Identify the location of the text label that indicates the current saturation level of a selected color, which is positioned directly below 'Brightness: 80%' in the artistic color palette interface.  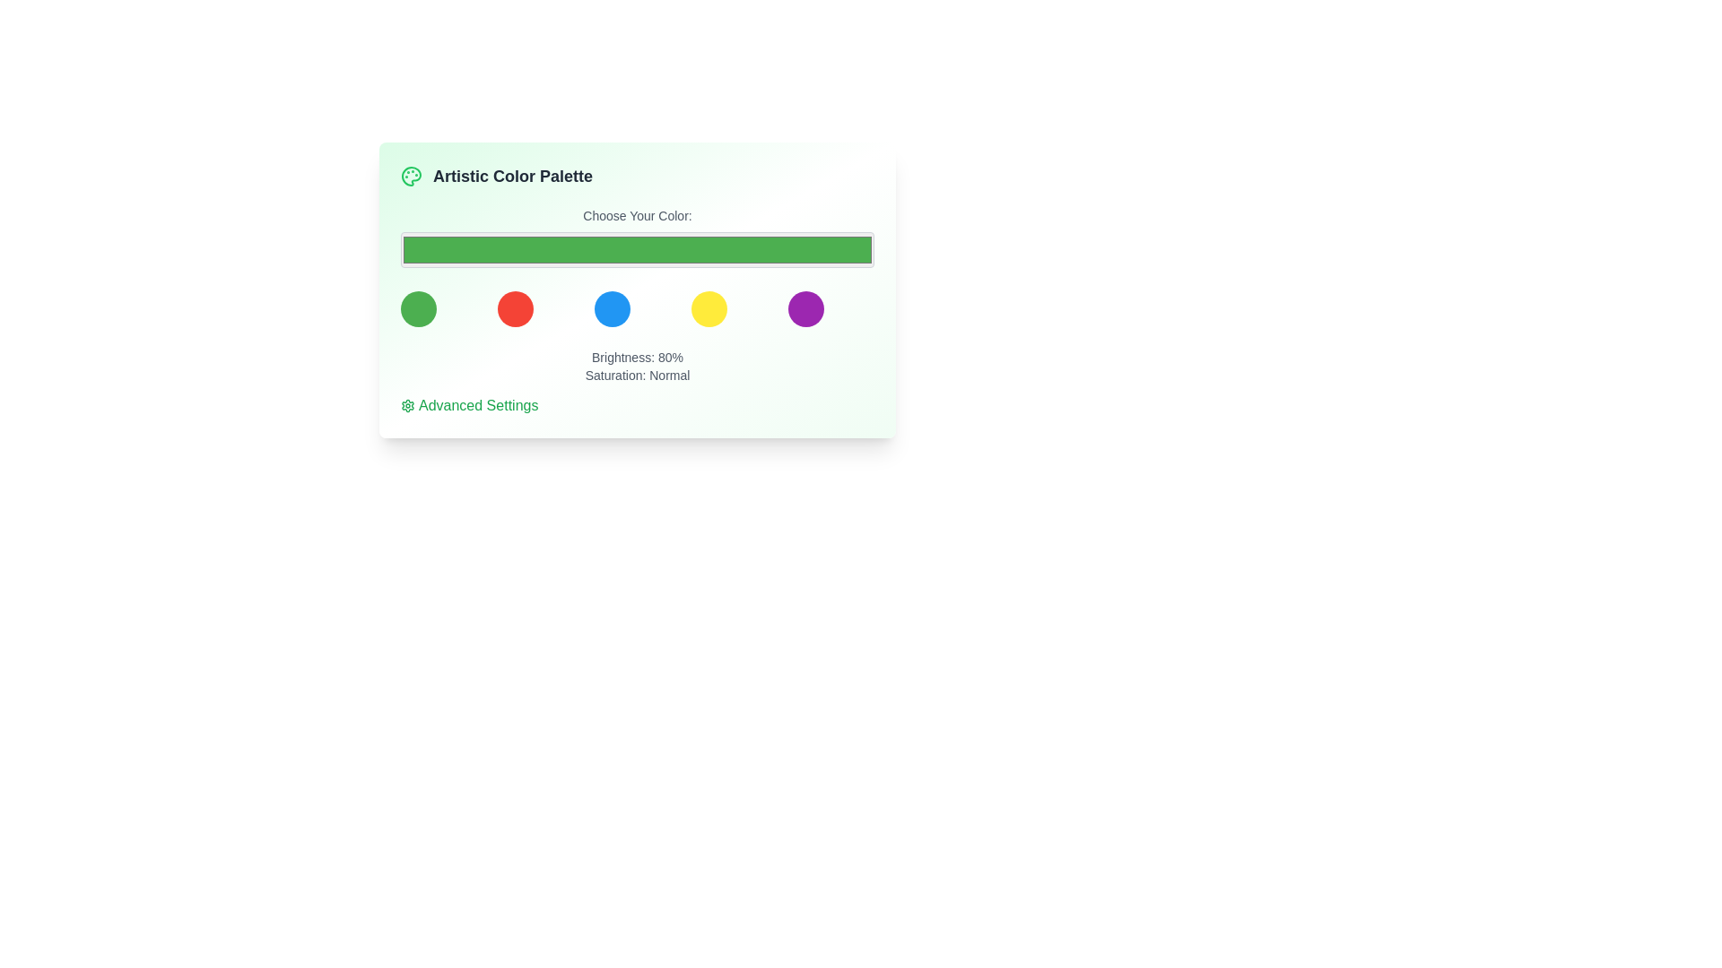
(637, 375).